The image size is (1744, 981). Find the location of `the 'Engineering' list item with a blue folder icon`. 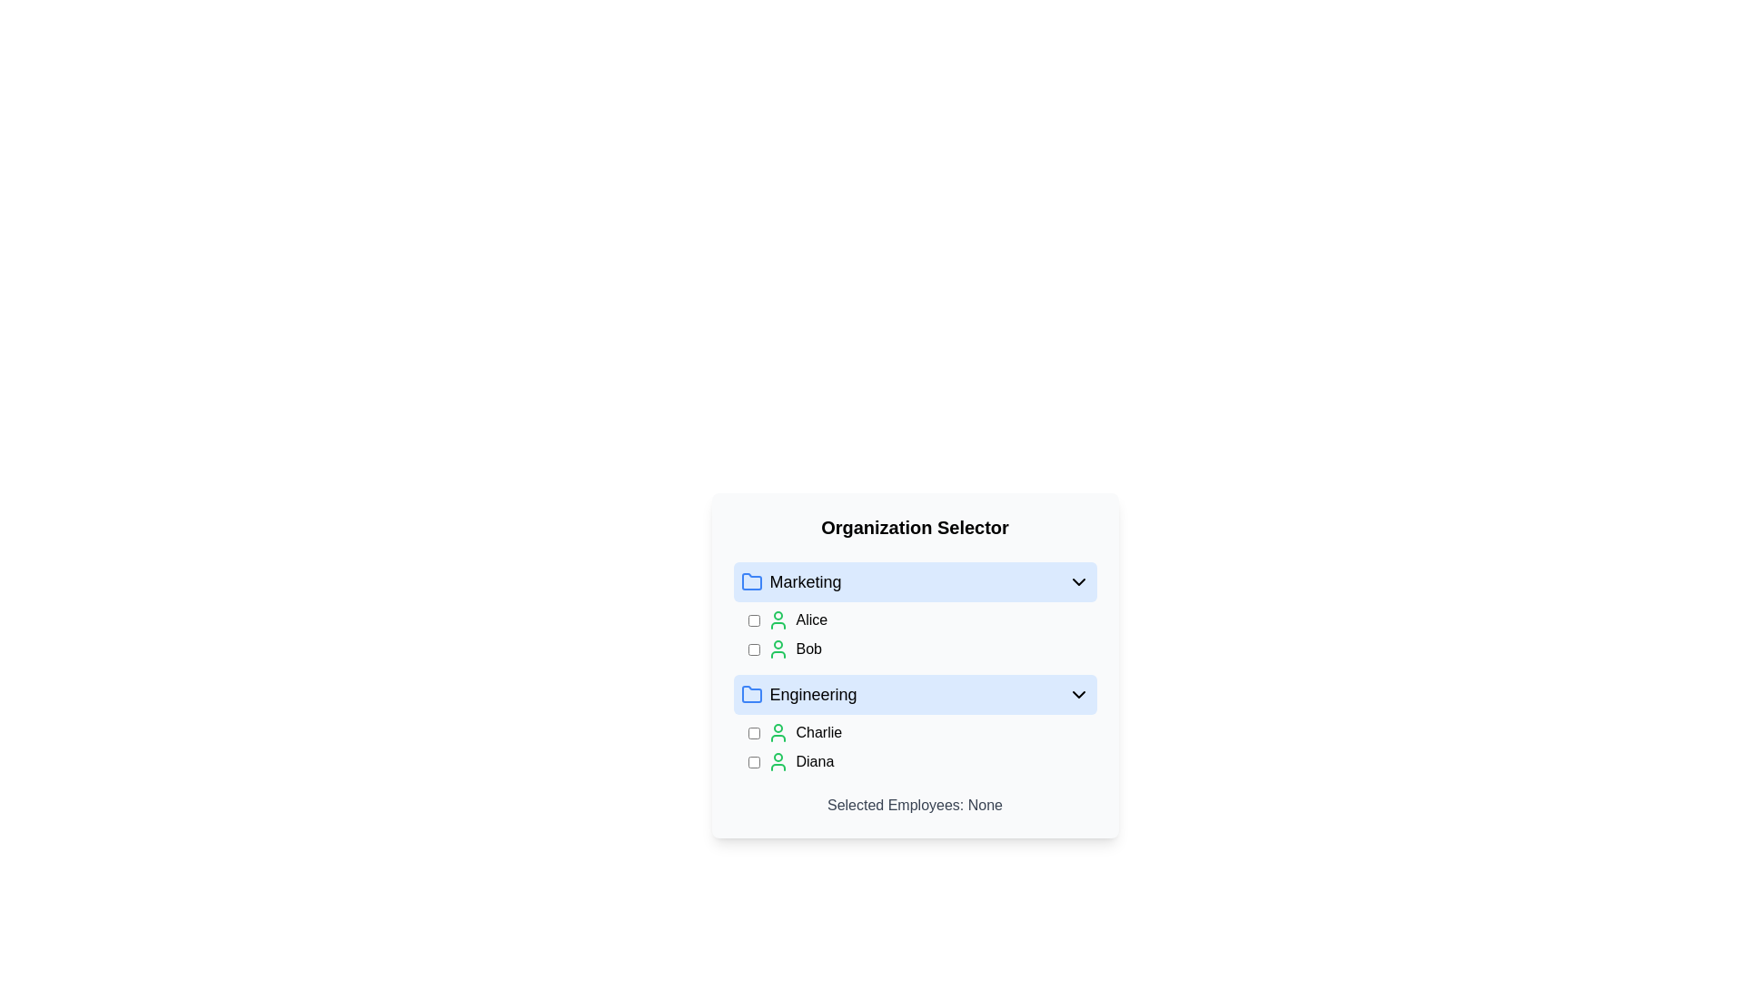

the 'Engineering' list item with a blue folder icon is located at coordinates (798, 694).